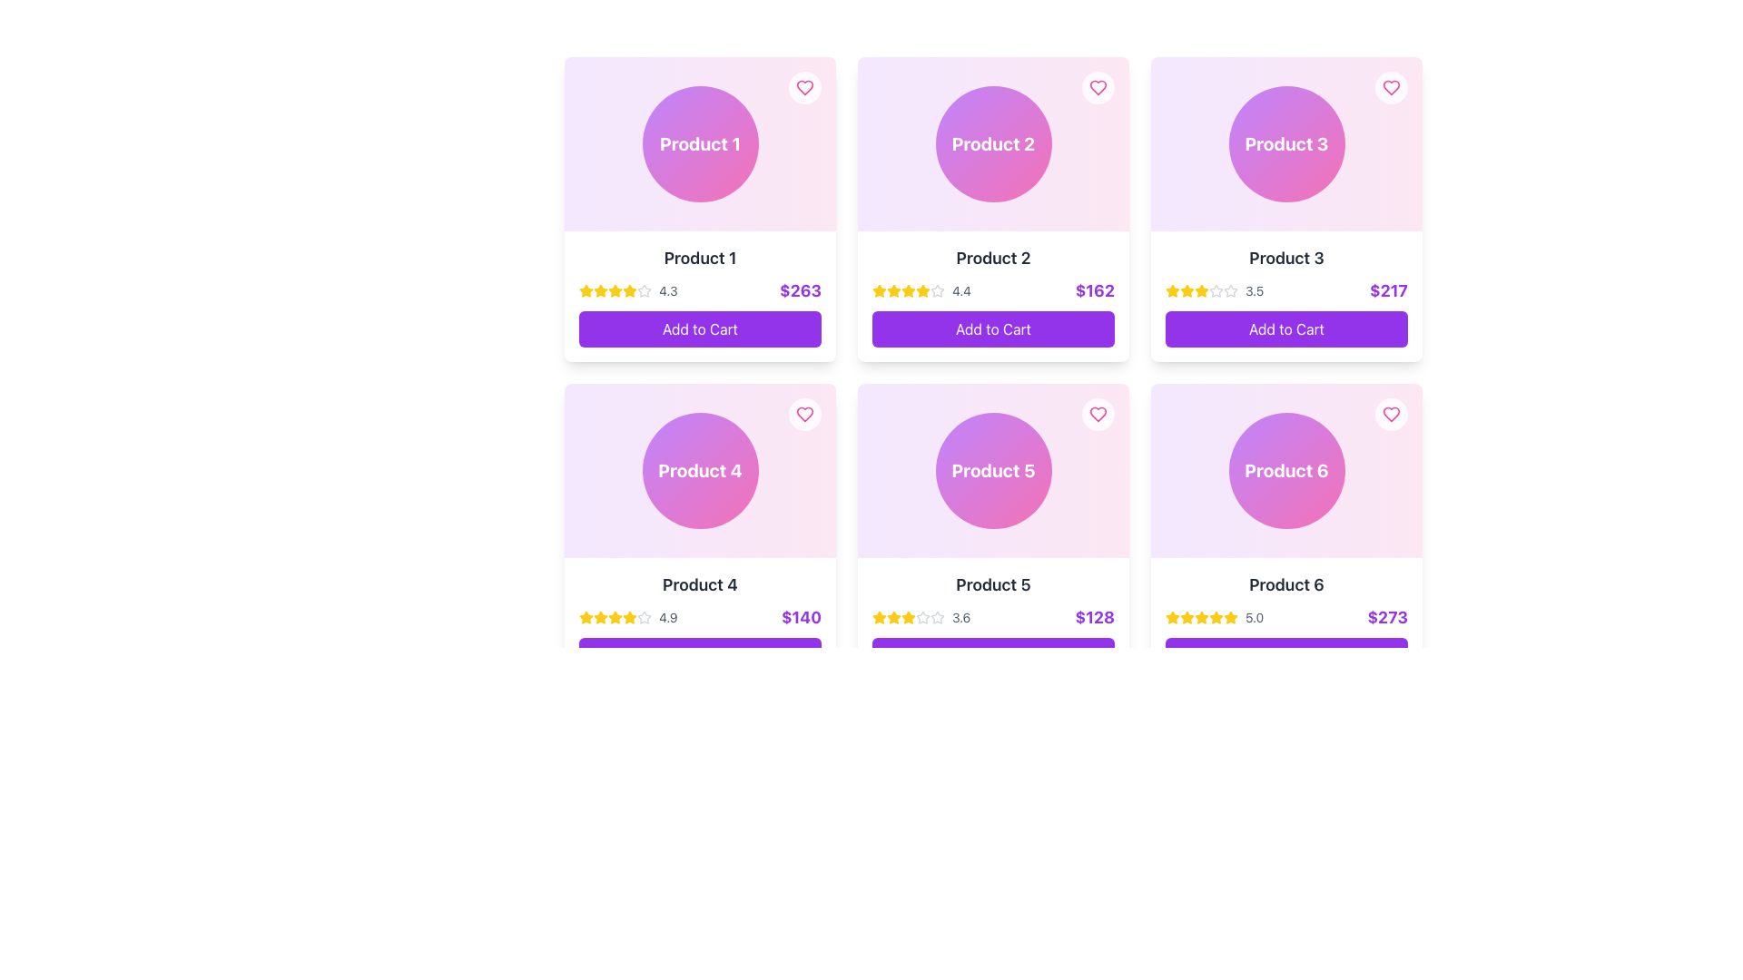 Image resolution: width=1743 pixels, height=980 pixels. Describe the element at coordinates (893, 289) in the screenshot. I see `the first star icon` at that location.